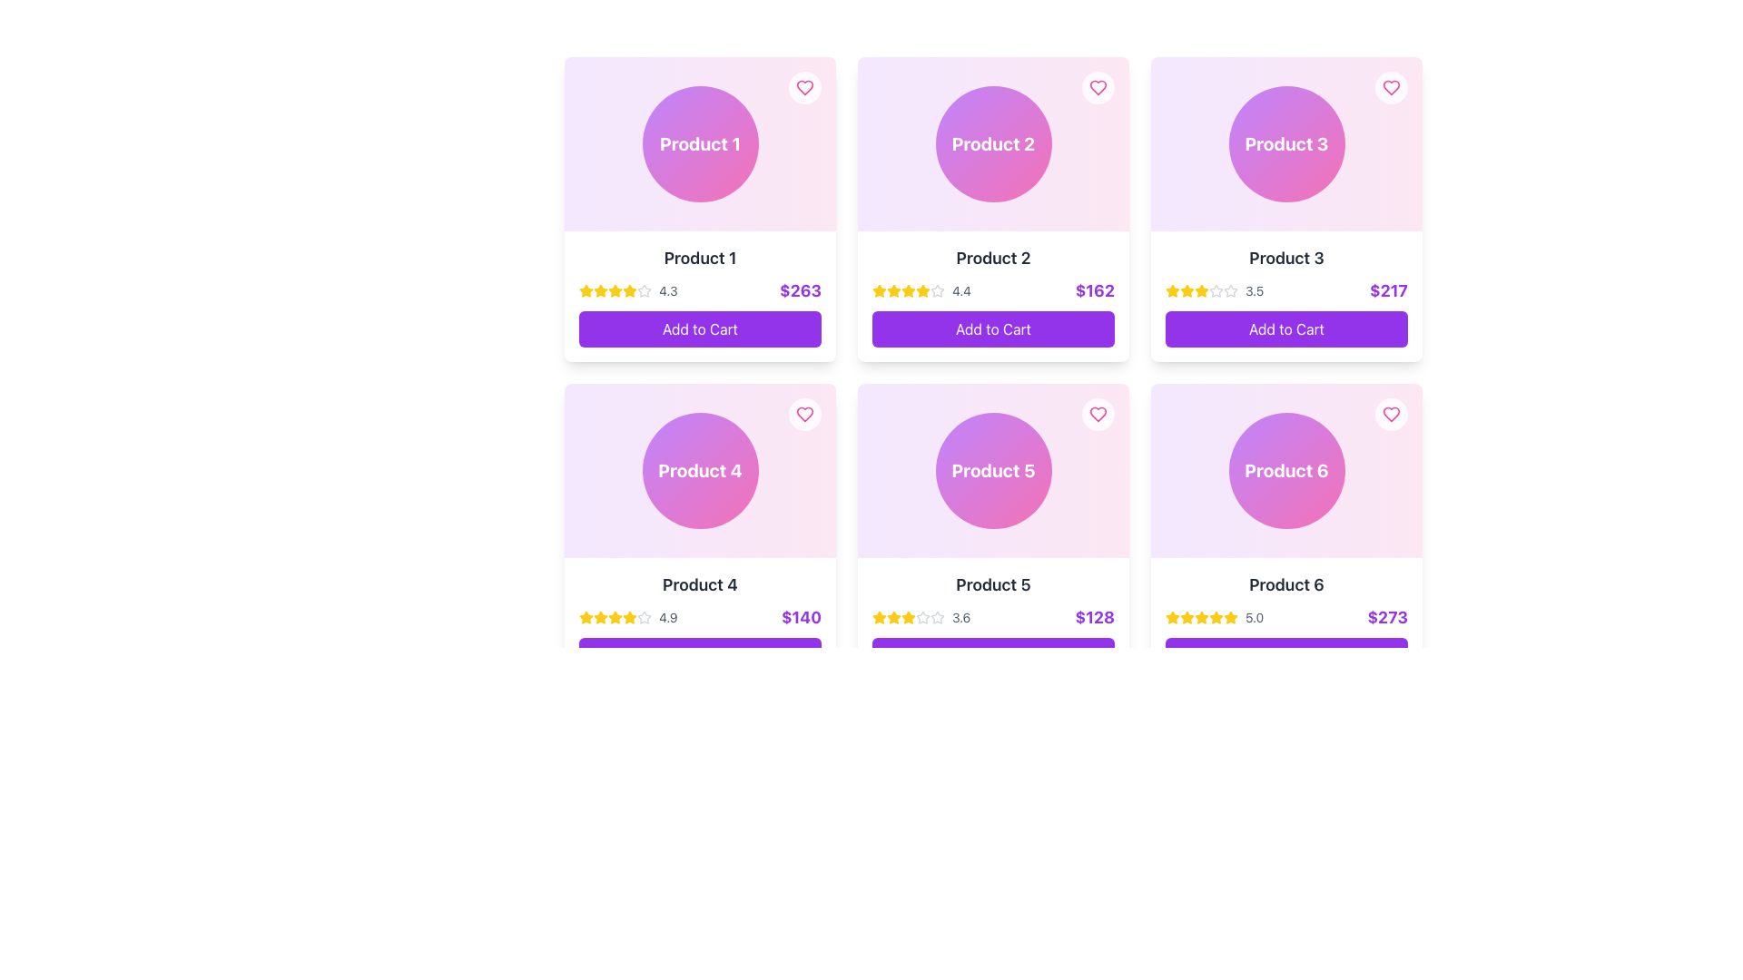 Image resolution: width=1743 pixels, height=980 pixels. Describe the element at coordinates (893, 289) in the screenshot. I see `the first star icon` at that location.